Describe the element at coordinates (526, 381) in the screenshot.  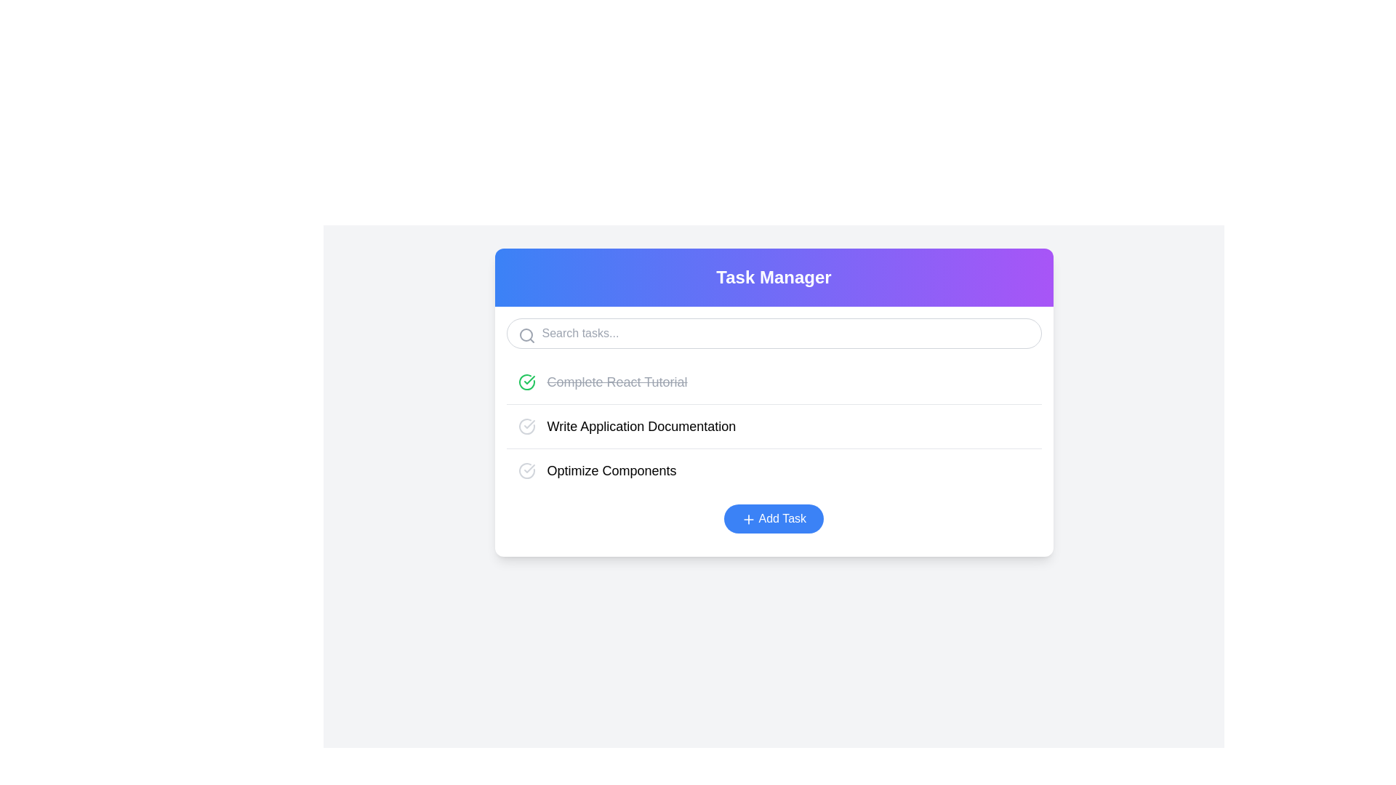
I see `the green checkmark icon indicating a completed status, which is located to the left of the text 'Complete React Tutorial'` at that location.